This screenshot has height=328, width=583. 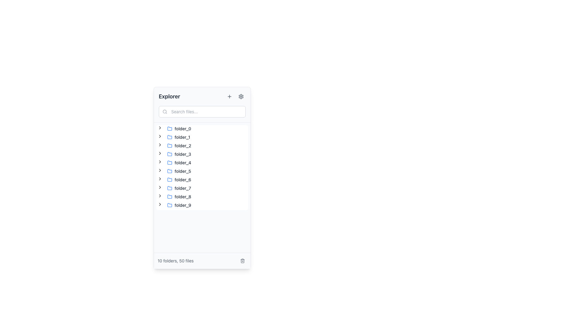 What do you see at coordinates (160, 162) in the screenshot?
I see `the Expander button (chevron switcher) located to the left of the label 'folder_4'` at bounding box center [160, 162].